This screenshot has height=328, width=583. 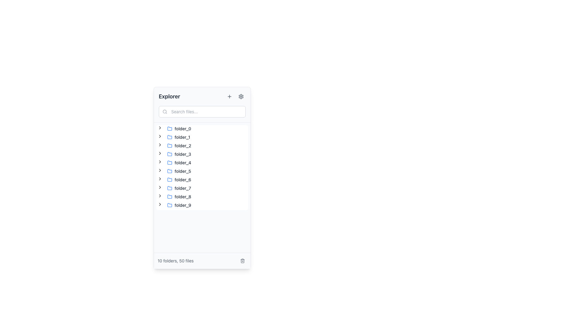 What do you see at coordinates (160, 162) in the screenshot?
I see `the Expander button (chevron switcher) located to the left of the label 'folder_4'` at bounding box center [160, 162].